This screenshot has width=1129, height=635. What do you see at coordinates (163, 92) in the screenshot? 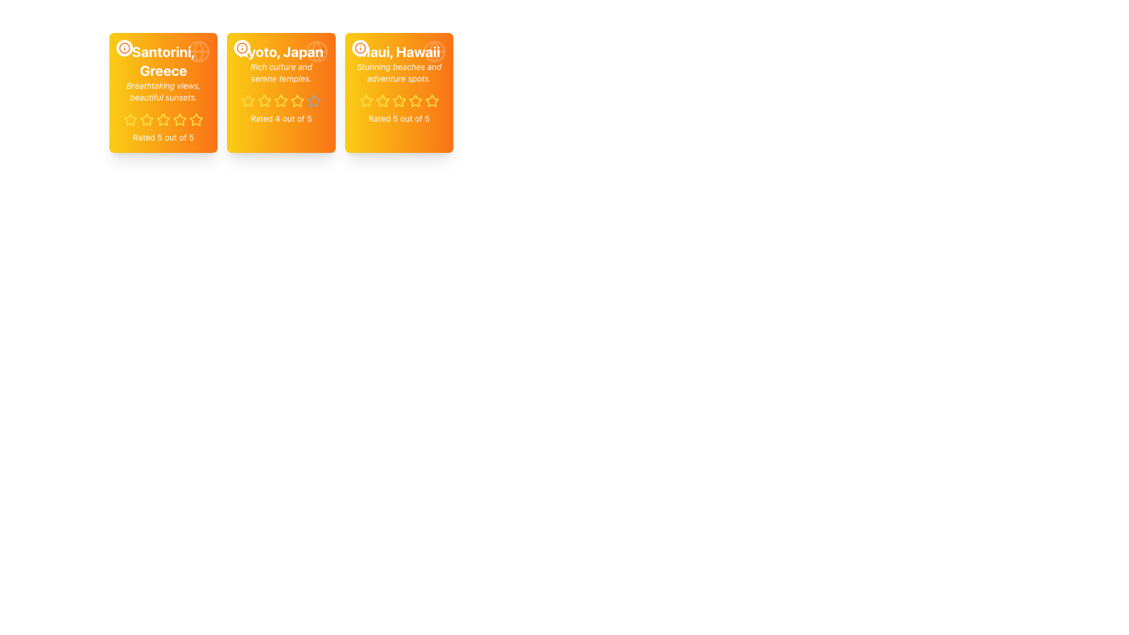
I see `the first travel destination card that displays its name, description, and user rating in a grid layout` at bounding box center [163, 92].